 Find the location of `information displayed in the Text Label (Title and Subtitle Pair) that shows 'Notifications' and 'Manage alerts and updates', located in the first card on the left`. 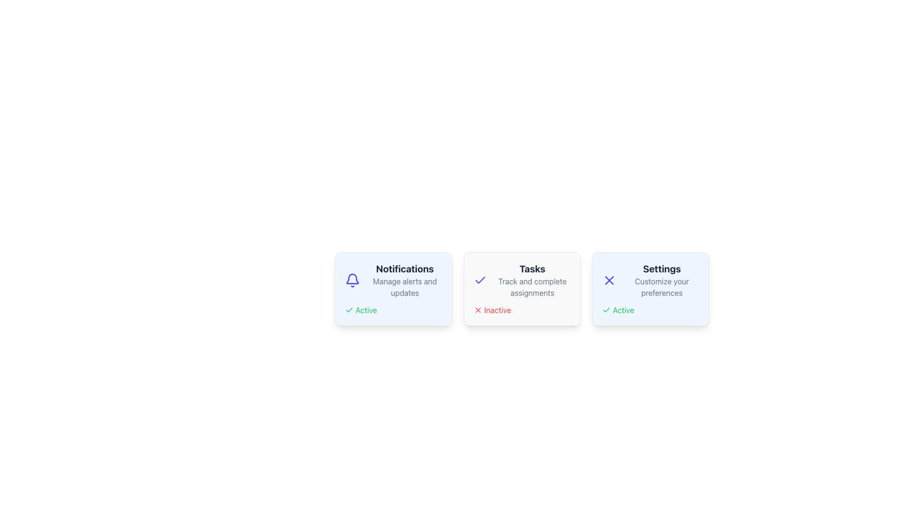

information displayed in the Text Label (Title and Subtitle Pair) that shows 'Notifications' and 'Manage alerts and updates', located in the first card on the left is located at coordinates (405, 280).